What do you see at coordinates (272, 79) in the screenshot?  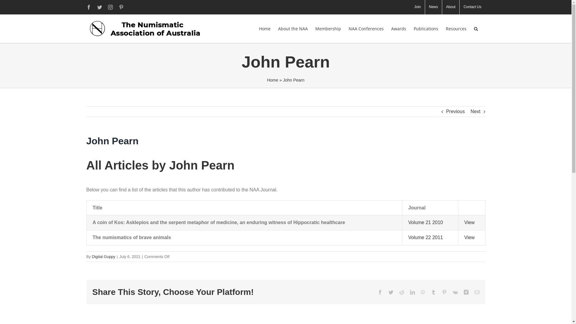 I see `'Home'` at bounding box center [272, 79].